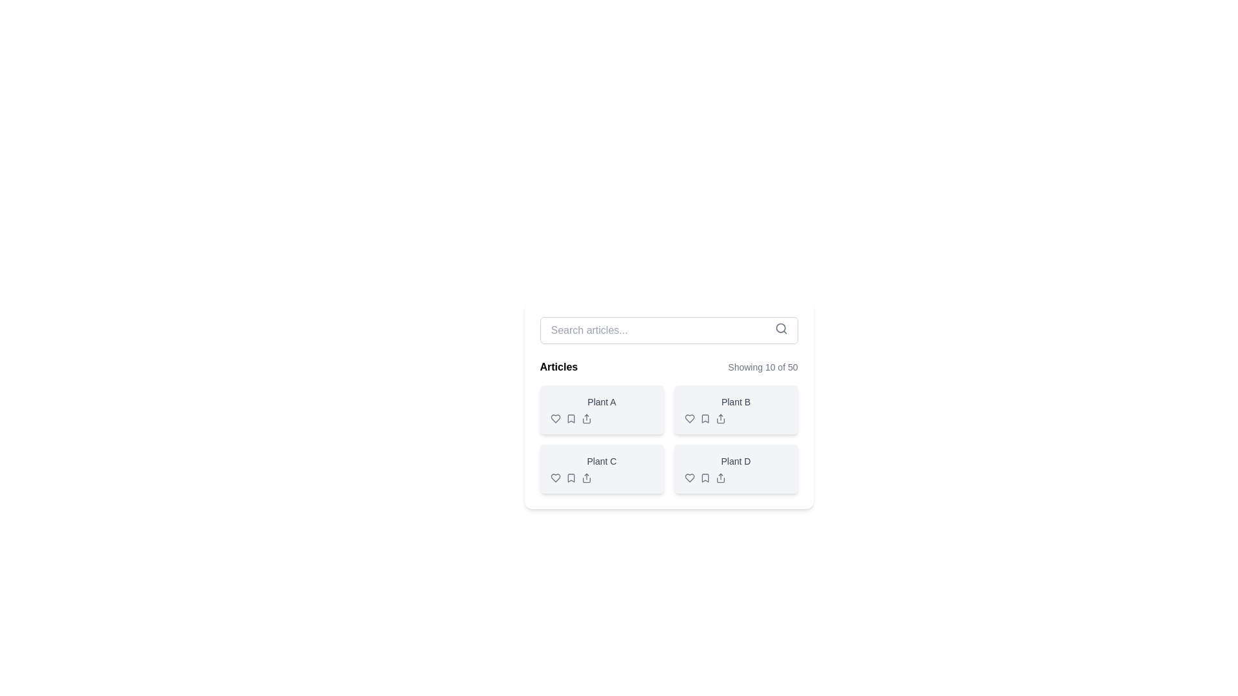  What do you see at coordinates (704, 478) in the screenshot?
I see `the bookmark icon located within the 'Plant D' card, positioned between the heart icon and the share icon` at bounding box center [704, 478].